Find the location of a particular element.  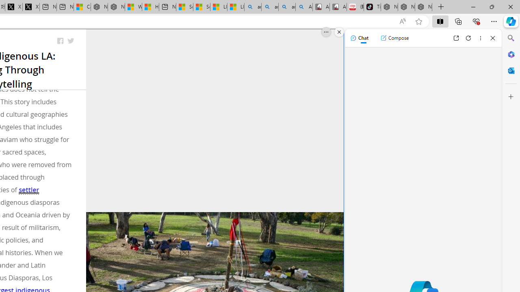

'Compose' is located at coordinates (394, 38).